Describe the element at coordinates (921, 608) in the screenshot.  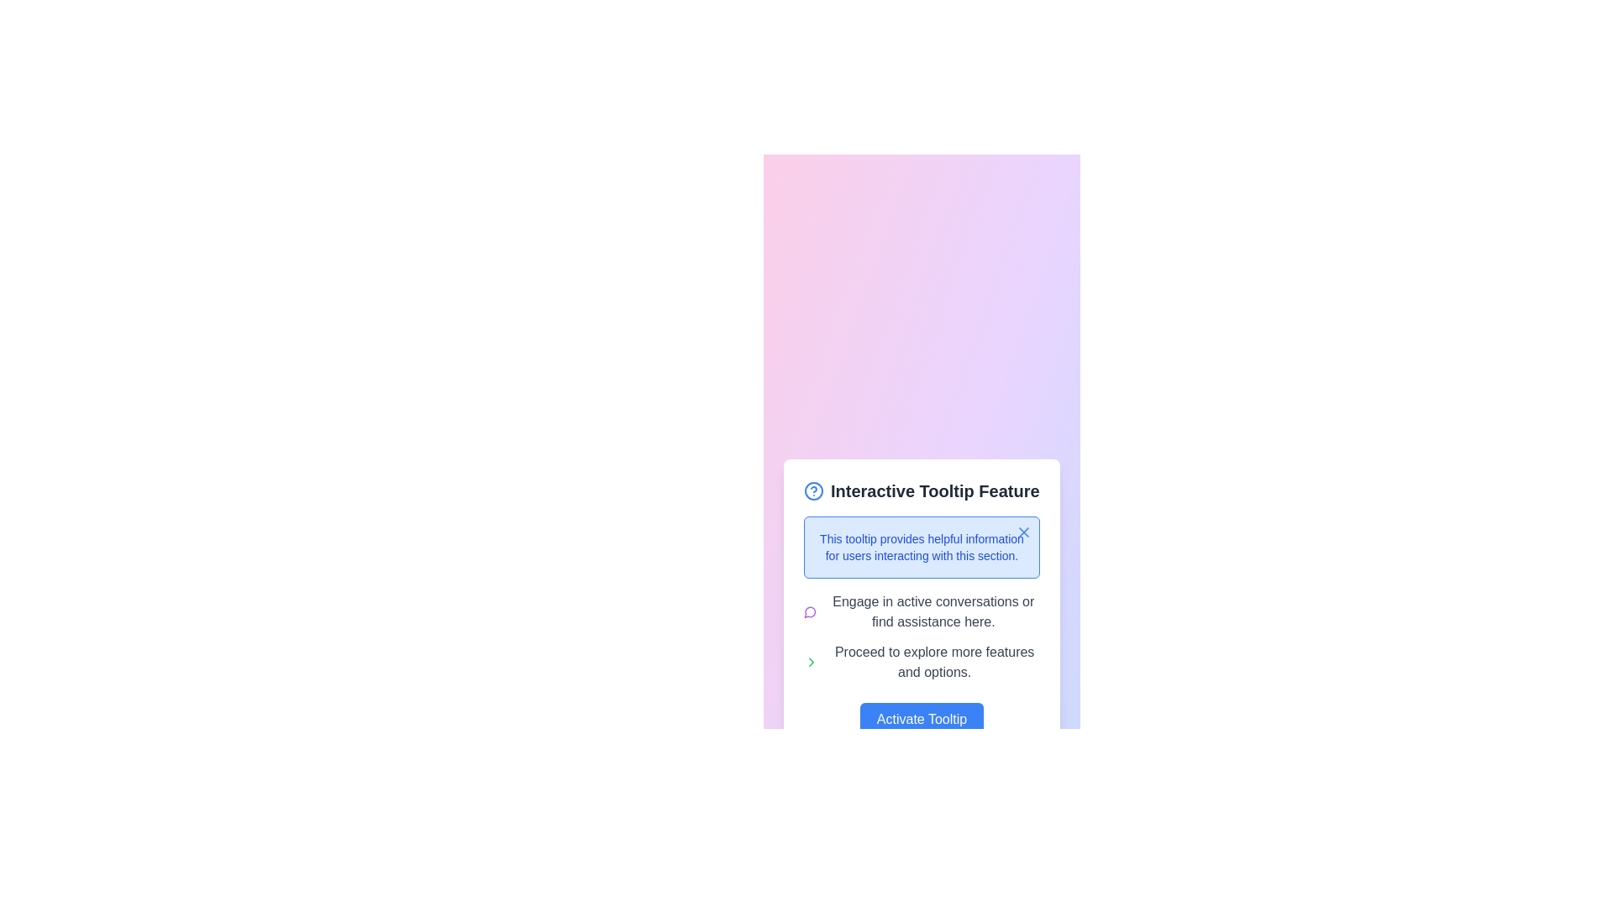
I see `the explanatory text block located beneath the blue-outlined tooltip box in the second section of the feature panel` at that location.